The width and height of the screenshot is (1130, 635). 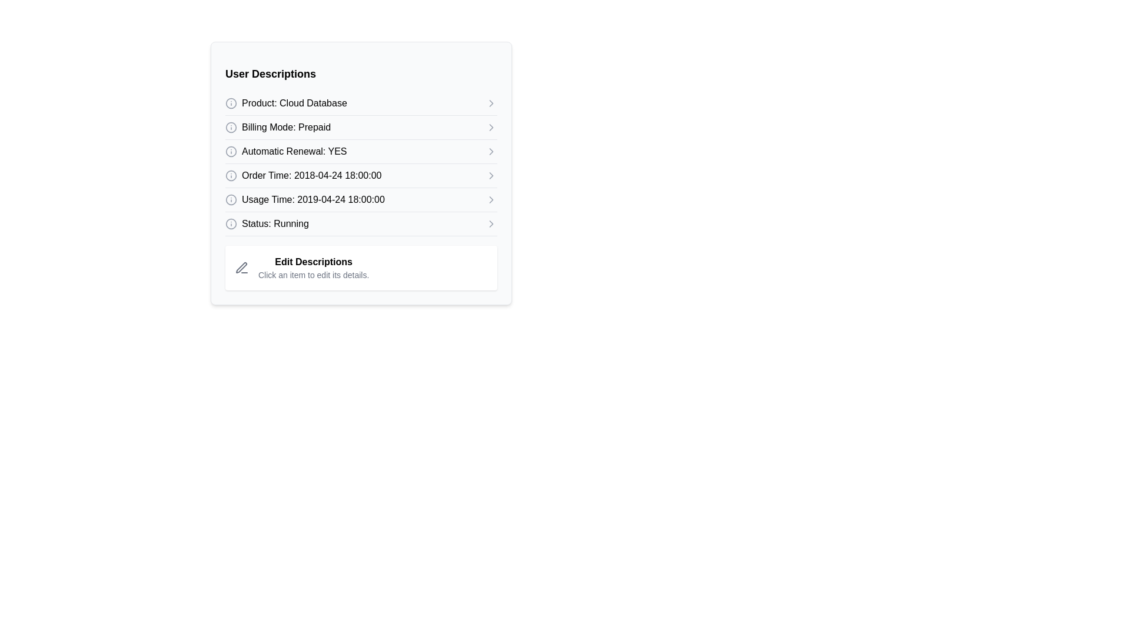 What do you see at coordinates (491, 127) in the screenshot?
I see `the right-pointing chevron arrow icon next to the 'Billing Mode: Prepaid' text` at bounding box center [491, 127].